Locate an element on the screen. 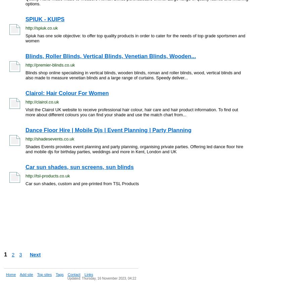 Image resolution: width=290 pixels, height=288 pixels. 'http://spiuk.co.uk' is located at coordinates (41, 28).